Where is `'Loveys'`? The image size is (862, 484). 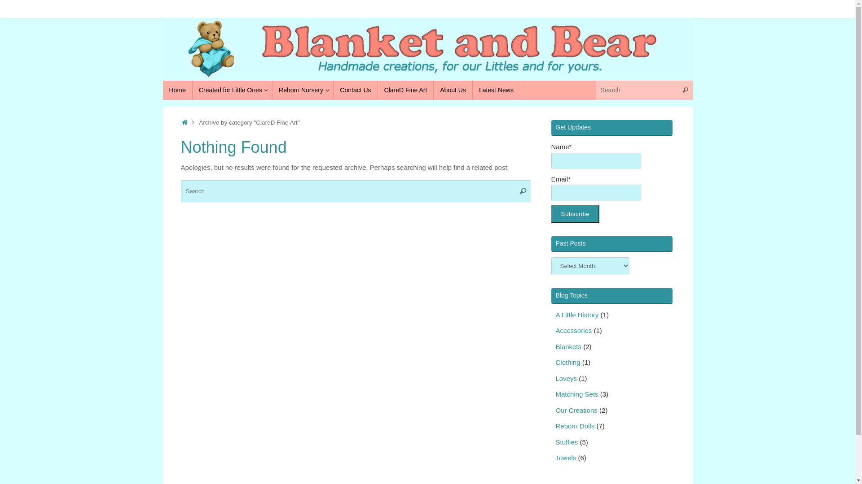 'Loveys' is located at coordinates (566, 378).